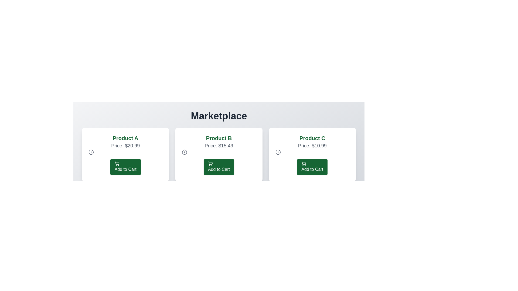 The width and height of the screenshot is (518, 291). What do you see at coordinates (304, 164) in the screenshot?
I see `the 'Add to Cart' icon for Product C, which is located within the green button below the Product C section in the Marketplace` at bounding box center [304, 164].